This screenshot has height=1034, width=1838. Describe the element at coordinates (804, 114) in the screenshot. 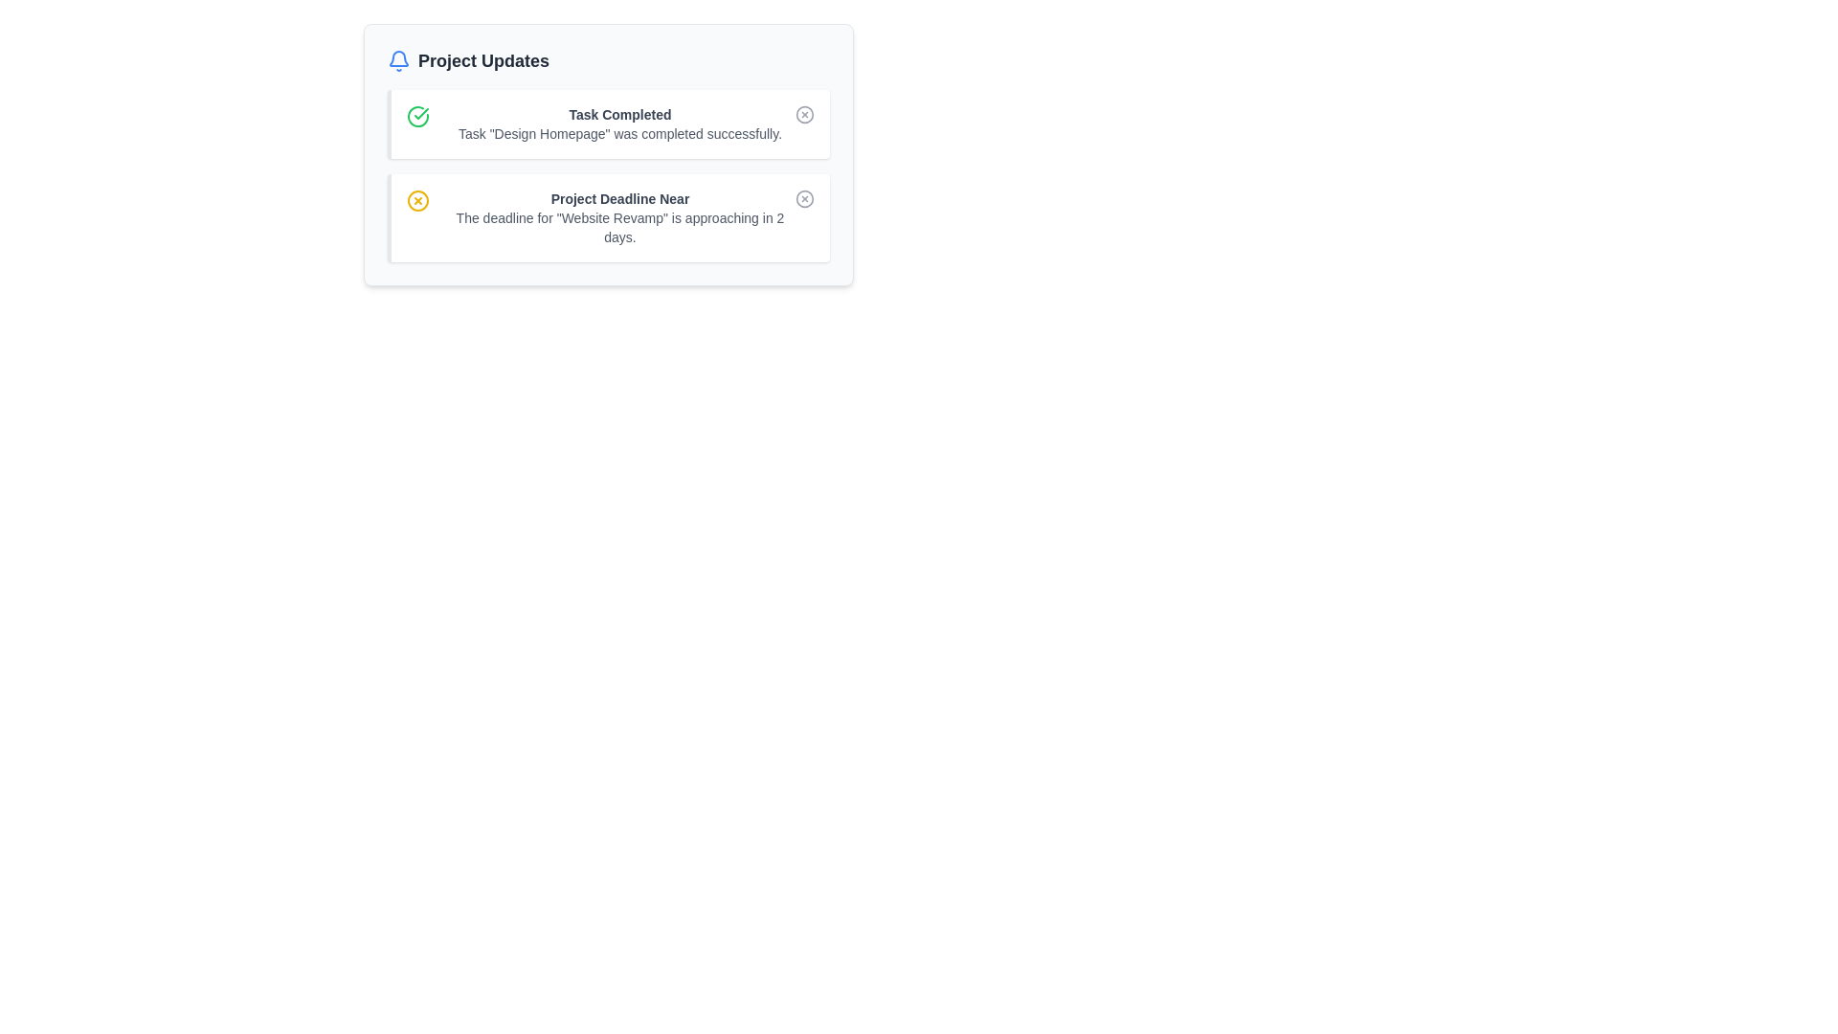

I see `the dismiss button in the top-right corner of the 'Task Completed' notification card to change its color` at that location.